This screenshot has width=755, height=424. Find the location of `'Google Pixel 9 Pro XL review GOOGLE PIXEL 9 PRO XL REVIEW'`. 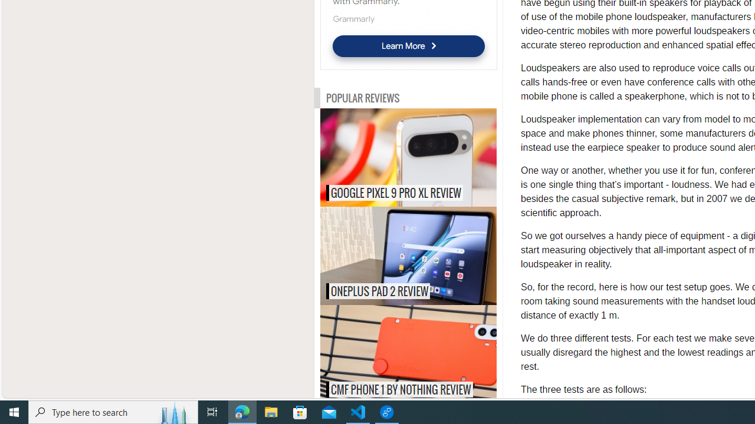

'Google Pixel 9 Pro XL review GOOGLE PIXEL 9 PRO XL REVIEW' is located at coordinates (408, 157).